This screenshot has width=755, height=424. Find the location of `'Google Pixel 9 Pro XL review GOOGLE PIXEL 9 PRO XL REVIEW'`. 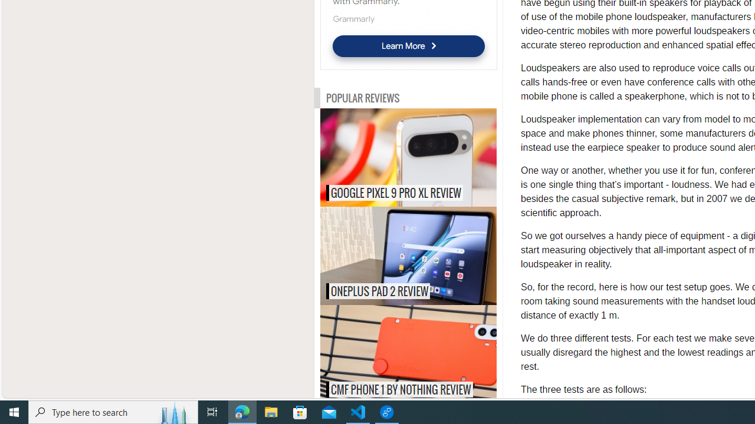

'Google Pixel 9 Pro XL review GOOGLE PIXEL 9 PRO XL REVIEW' is located at coordinates (408, 157).